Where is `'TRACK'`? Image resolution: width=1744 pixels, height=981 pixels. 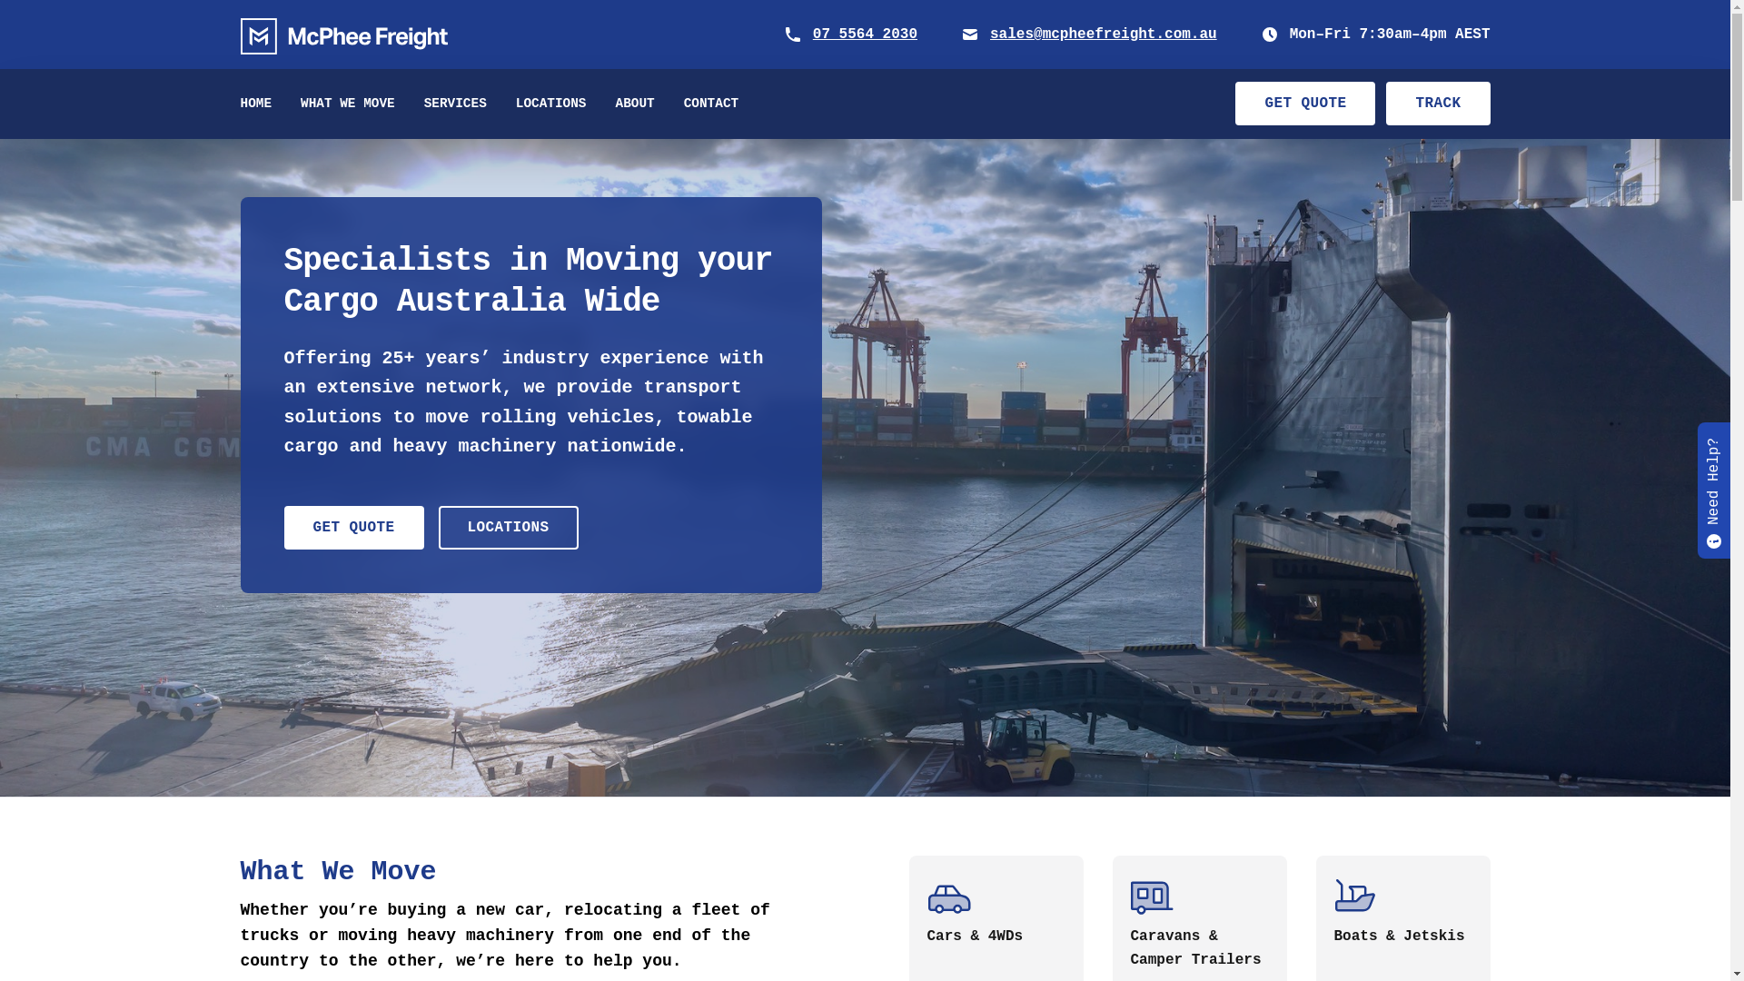 'TRACK' is located at coordinates (1437, 104).